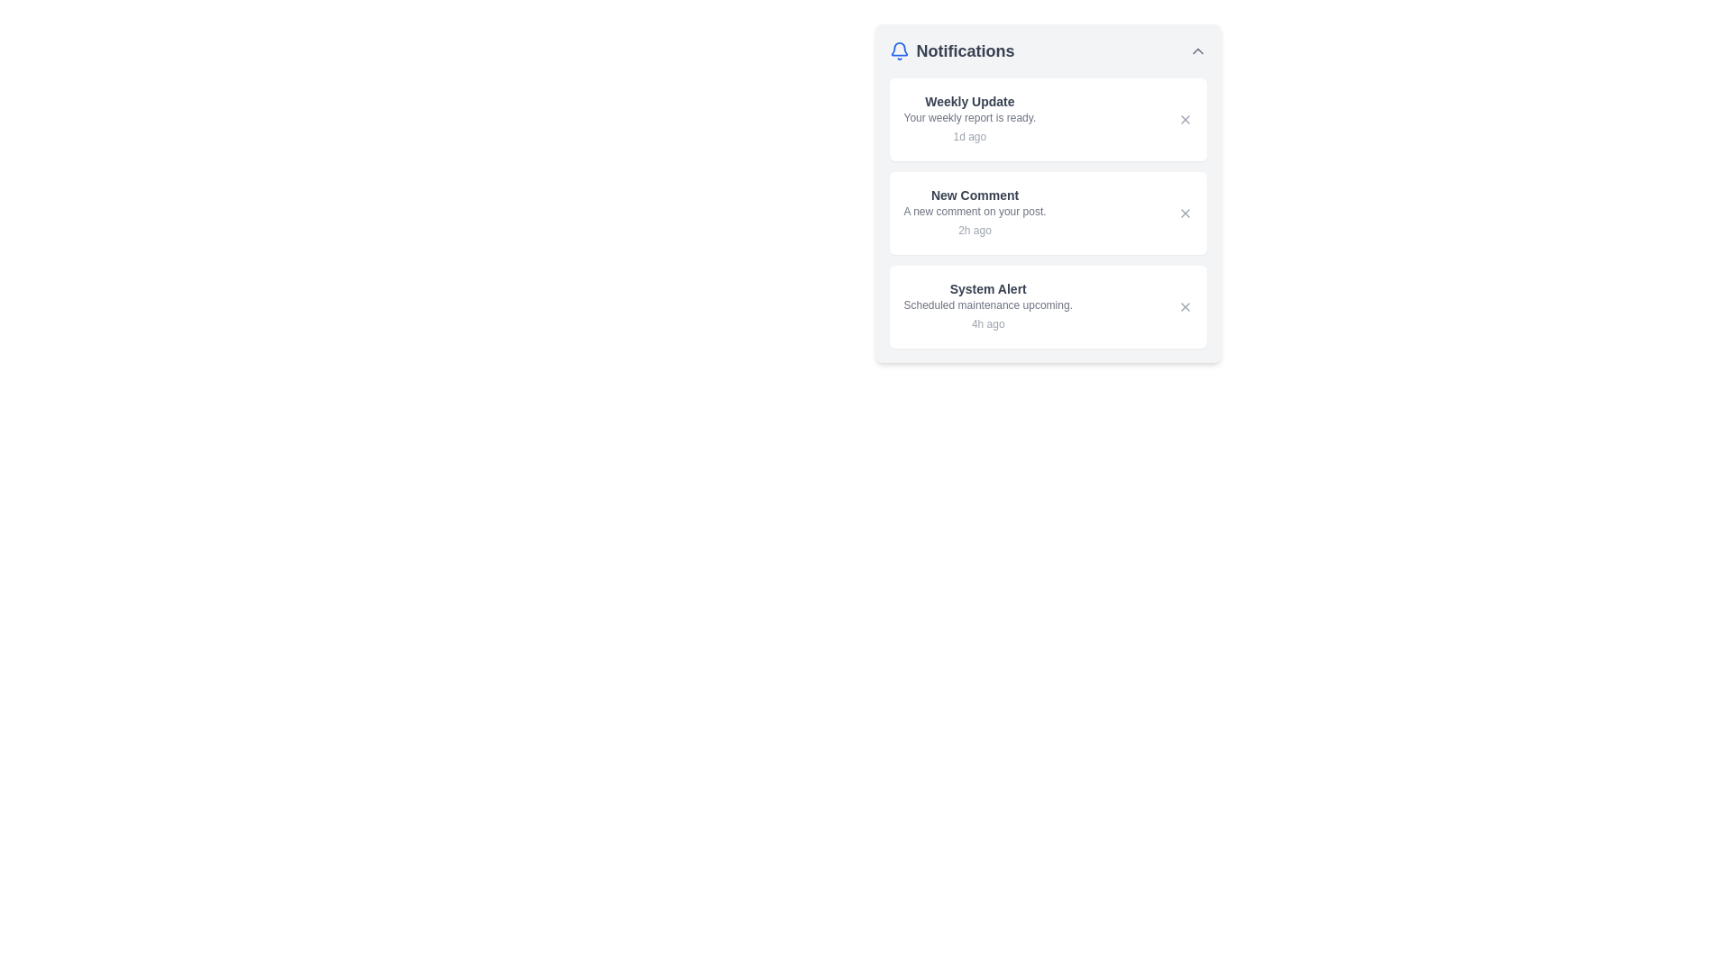  What do you see at coordinates (987, 305) in the screenshot?
I see `the Notification entry that informs about upcoming scheduled maintenance, located in the third position from the top in a popup panel` at bounding box center [987, 305].